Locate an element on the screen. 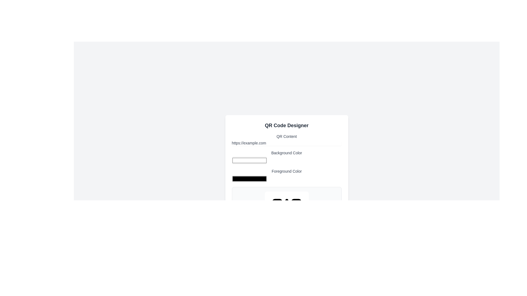 Image resolution: width=527 pixels, height=296 pixels. the first square shape in the QR code preview, which is a graphical component within an SVG located in the top-left corner is located at coordinates (277, 204).